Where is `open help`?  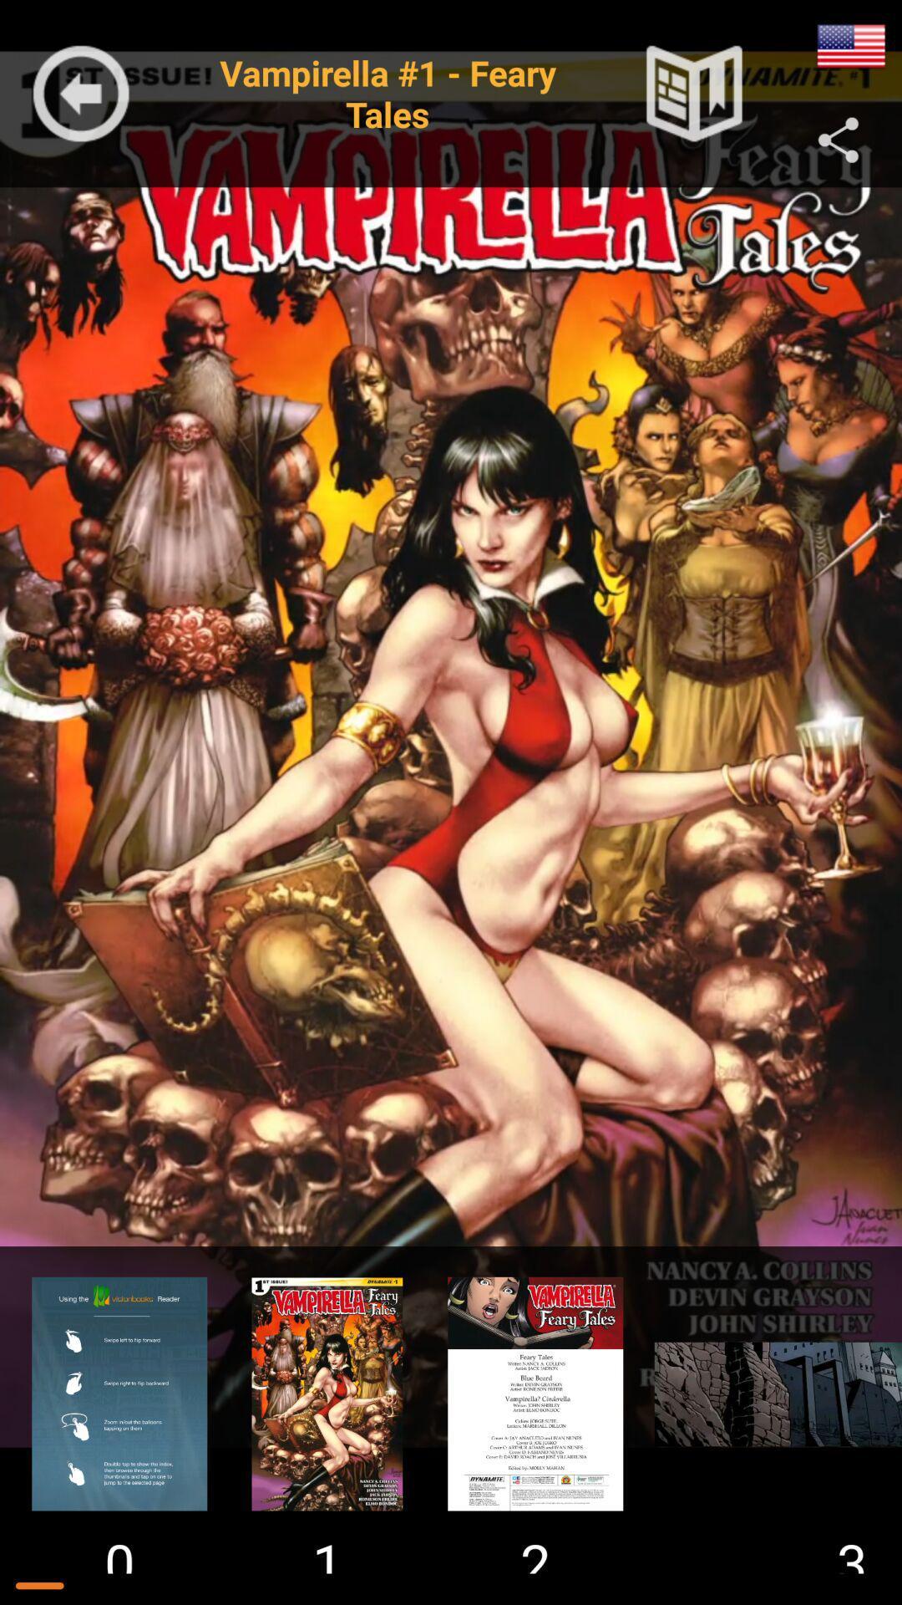
open help is located at coordinates (119, 1394).